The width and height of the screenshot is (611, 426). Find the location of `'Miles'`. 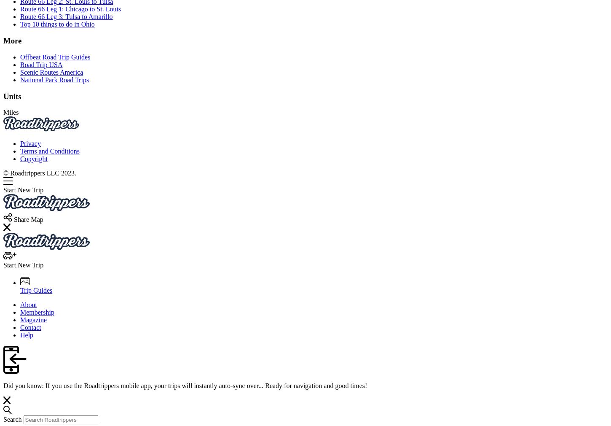

'Miles' is located at coordinates (11, 112).